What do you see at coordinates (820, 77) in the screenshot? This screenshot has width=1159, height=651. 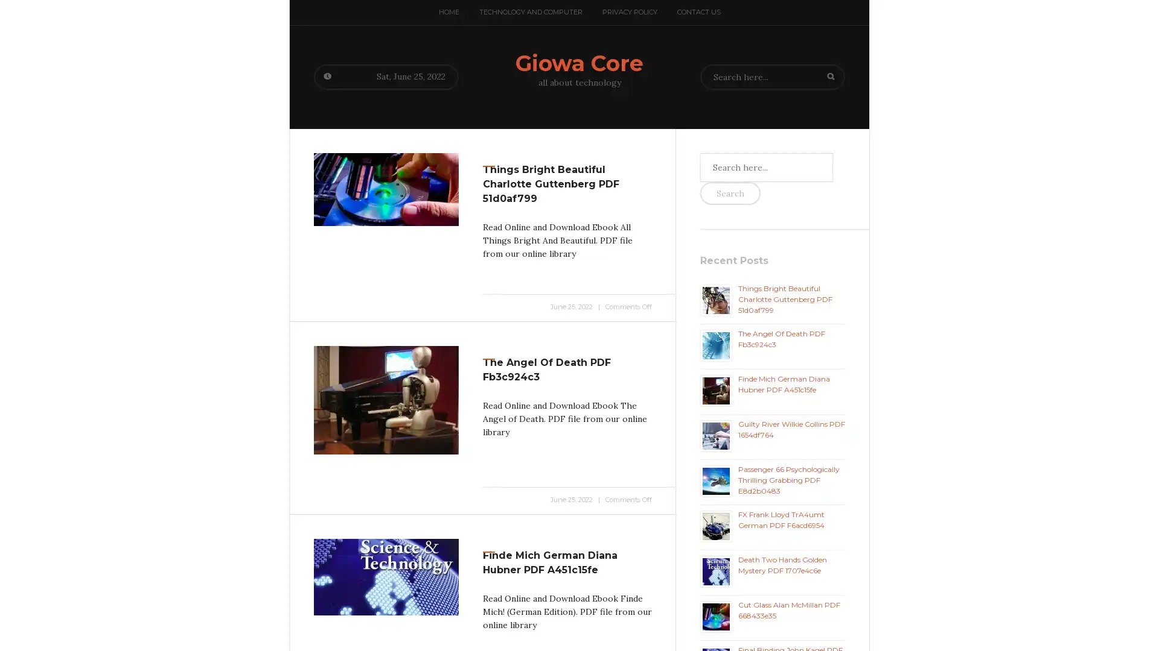 I see `Search` at bounding box center [820, 77].